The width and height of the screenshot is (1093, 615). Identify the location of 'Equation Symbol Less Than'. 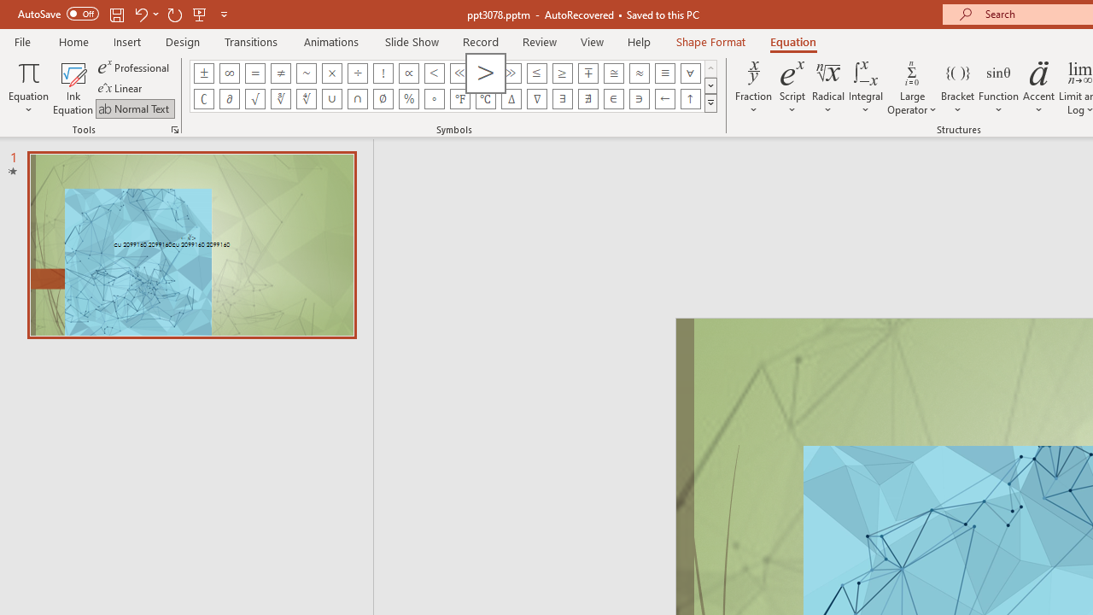
(434, 73).